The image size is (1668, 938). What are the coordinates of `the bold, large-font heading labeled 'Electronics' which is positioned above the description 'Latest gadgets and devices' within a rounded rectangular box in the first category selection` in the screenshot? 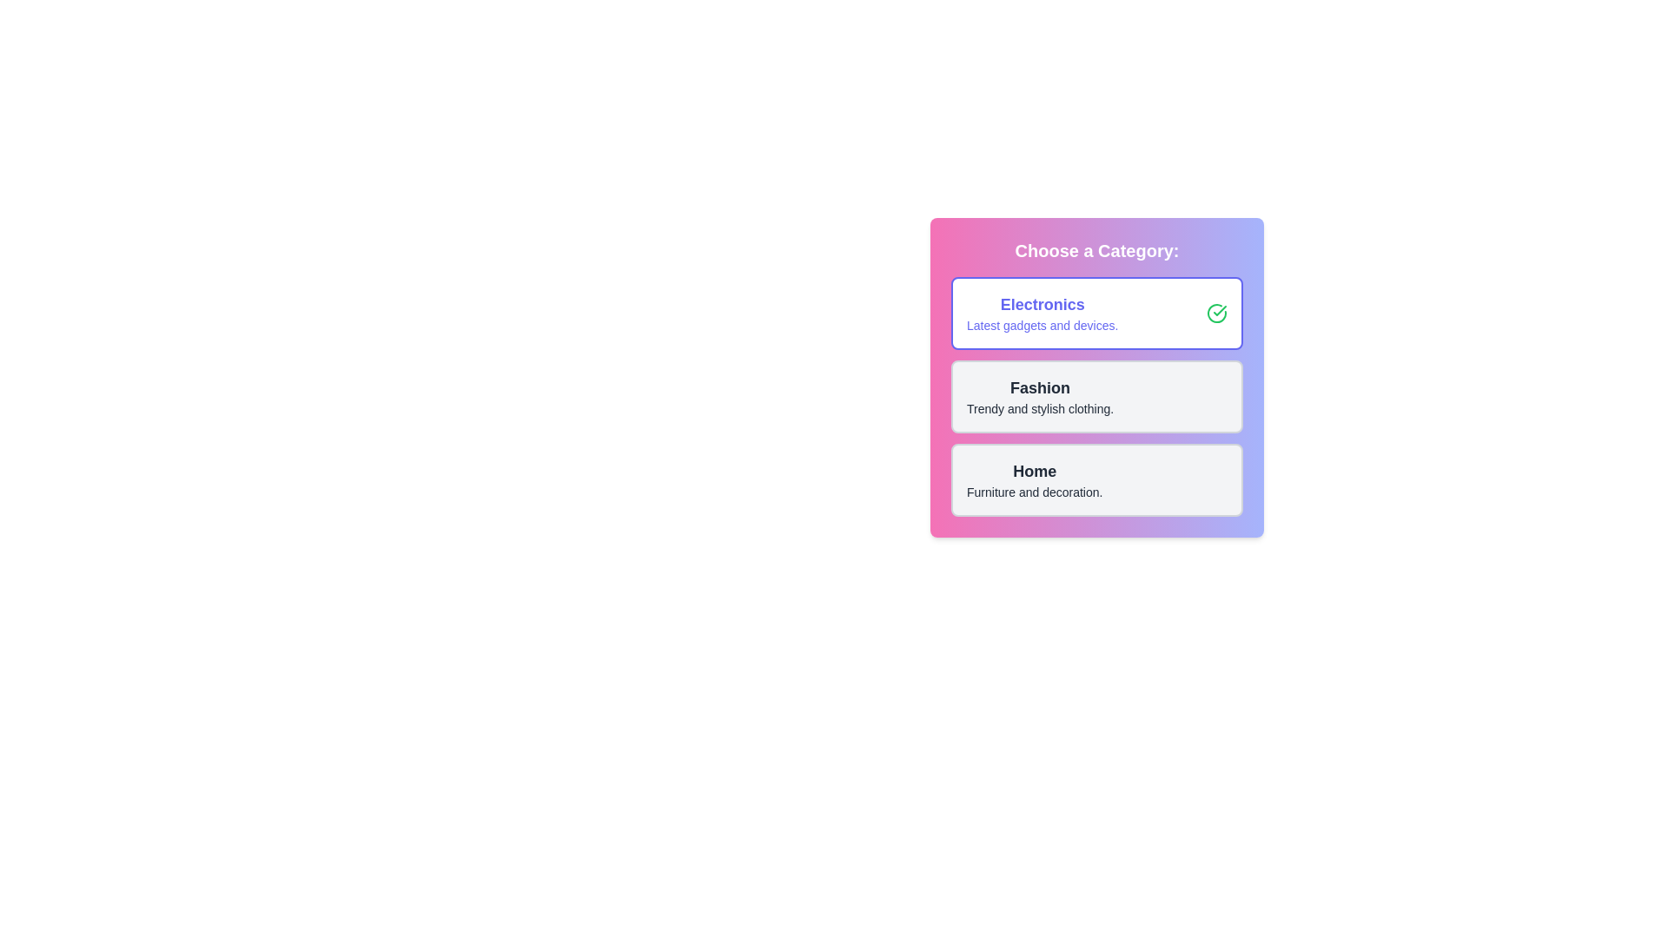 It's located at (1042, 304).